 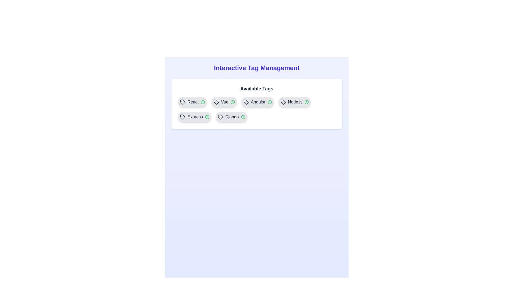 I want to click on the Django tag icon in the middle row of the 'Available Tags' section, so click(x=220, y=117).